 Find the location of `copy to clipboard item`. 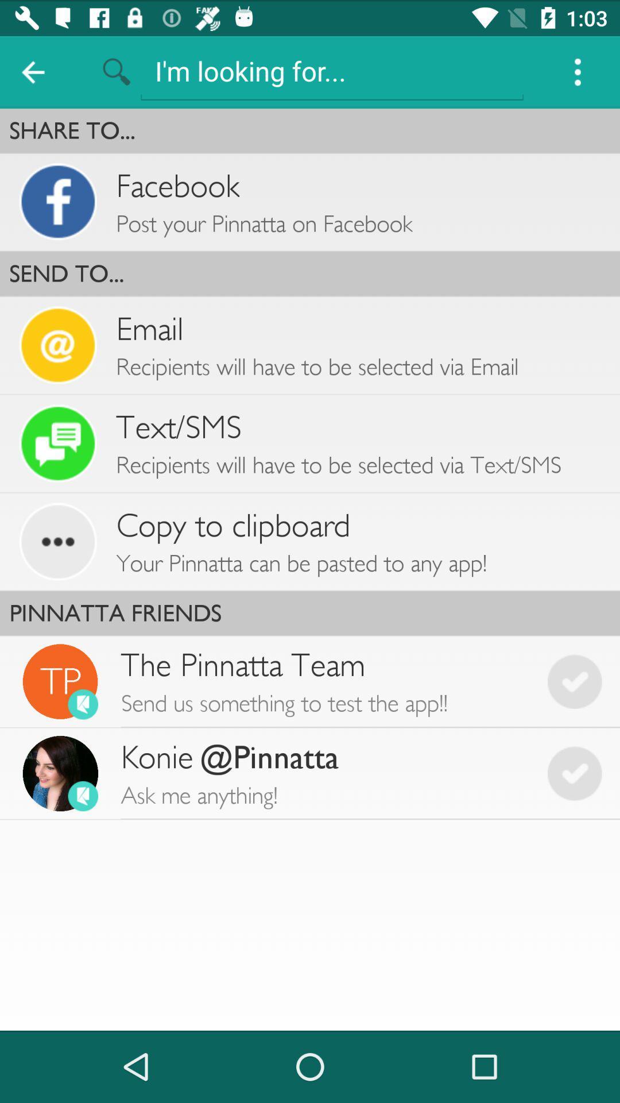

copy to clipboard item is located at coordinates (232, 525).